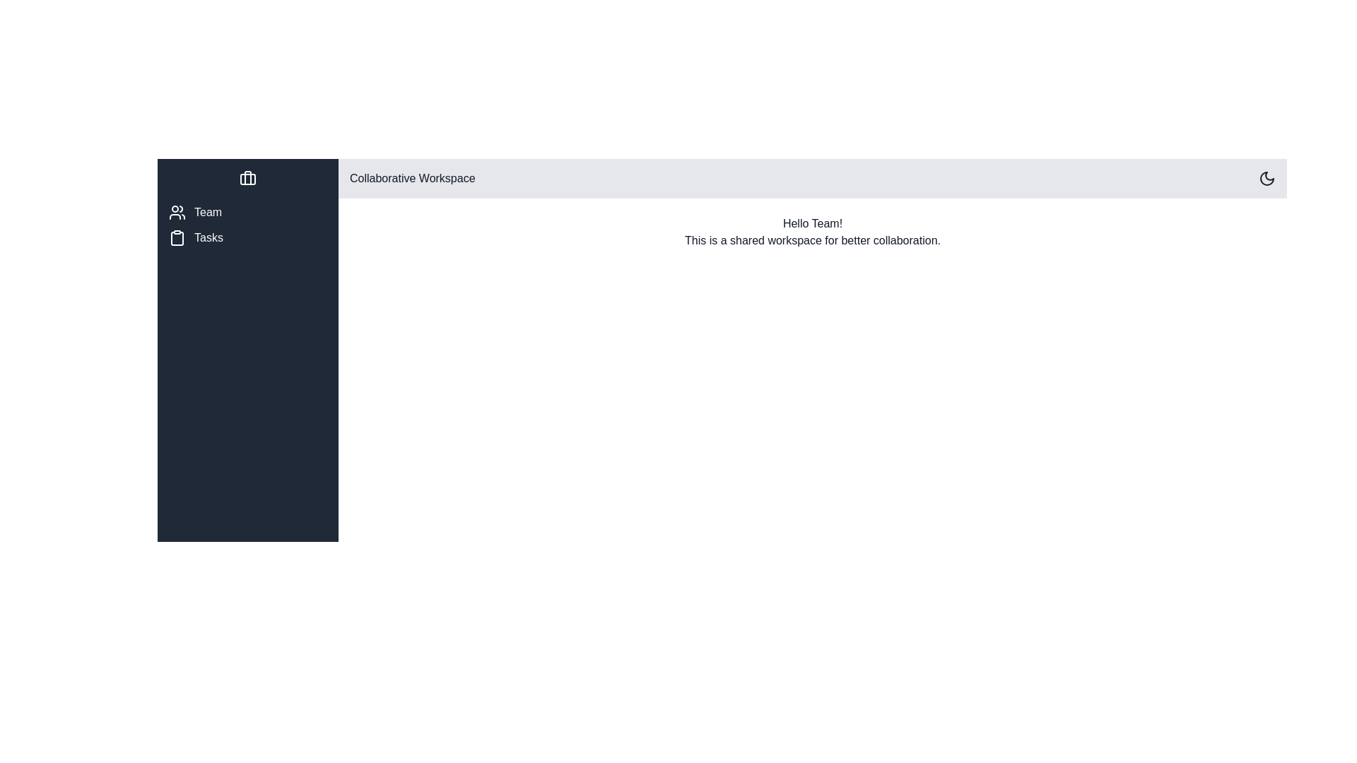 This screenshot has height=763, width=1357. I want to click on the 'Team' text label, which is styled in white on a dark background and is located in the left-side navigation panel, so click(207, 212).